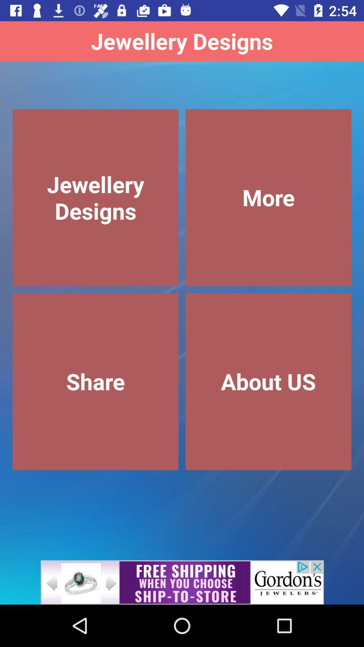 The height and width of the screenshot is (647, 364). What do you see at coordinates (182, 582) in the screenshot?
I see `visit gordon 's jewelers` at bounding box center [182, 582].